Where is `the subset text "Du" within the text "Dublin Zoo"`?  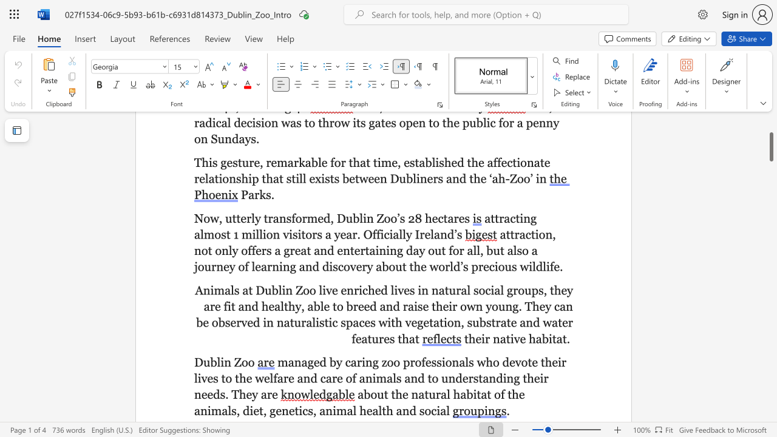
the subset text "Du" within the text "Dublin Zoo" is located at coordinates (194, 361).